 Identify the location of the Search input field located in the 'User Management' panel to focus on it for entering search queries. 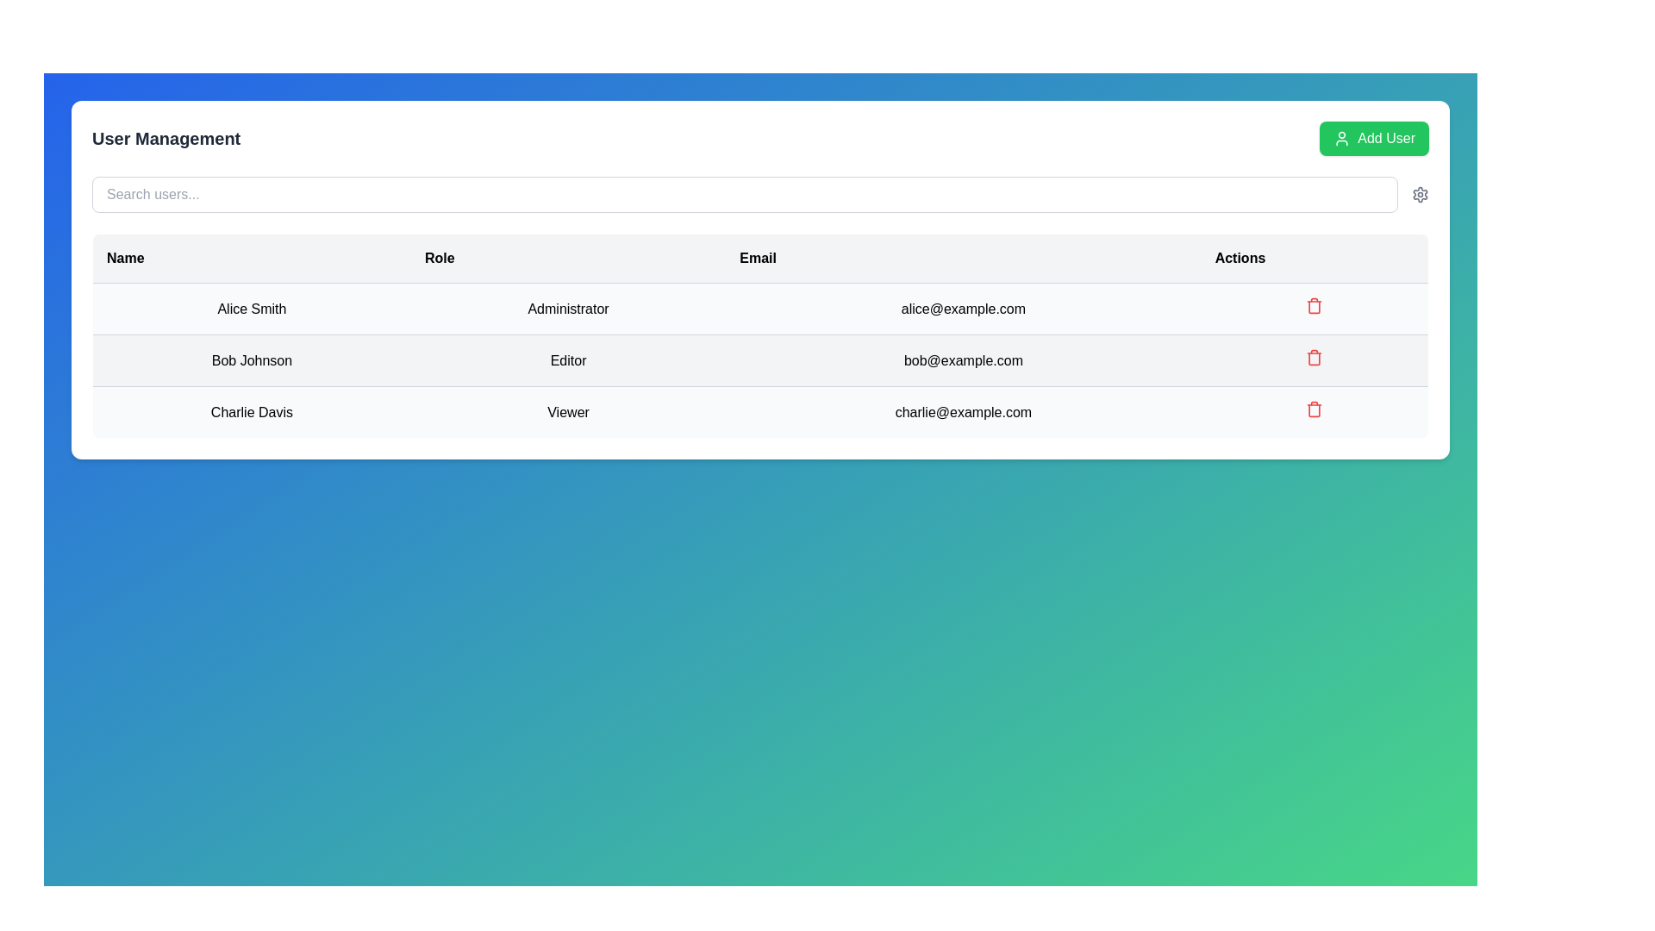
(759, 194).